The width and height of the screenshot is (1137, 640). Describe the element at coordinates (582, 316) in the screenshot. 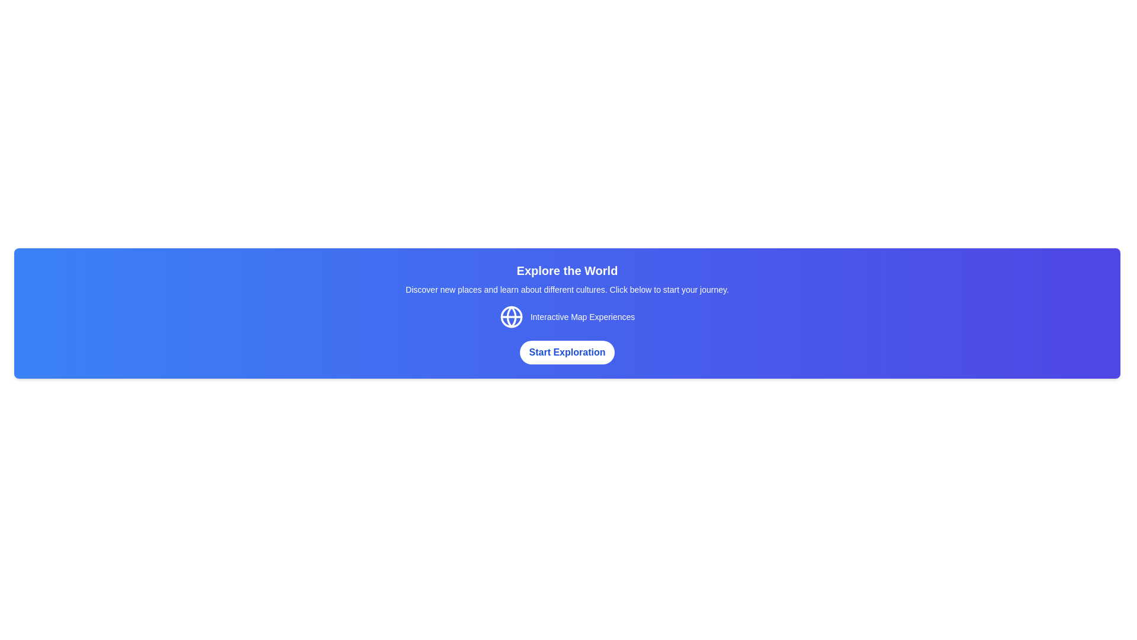

I see `text label that describes the adjacent globe icon, which is positioned to the right of the globe icon within a blue section` at that location.